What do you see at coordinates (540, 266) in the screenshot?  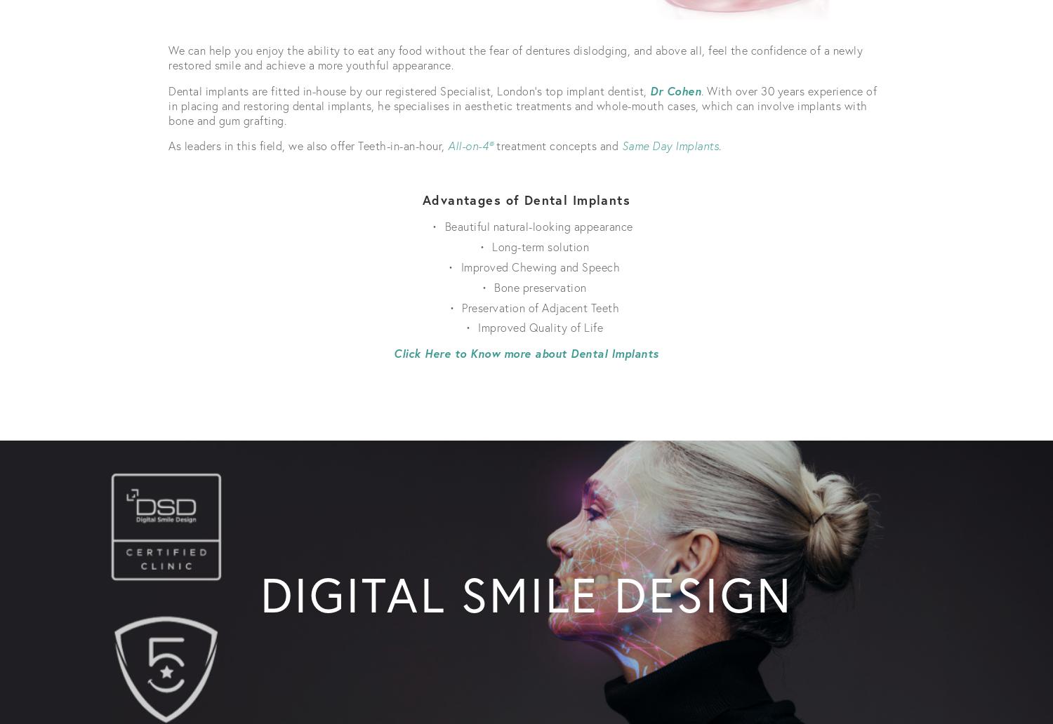 I see `'Improved Chewing and Speech'` at bounding box center [540, 266].